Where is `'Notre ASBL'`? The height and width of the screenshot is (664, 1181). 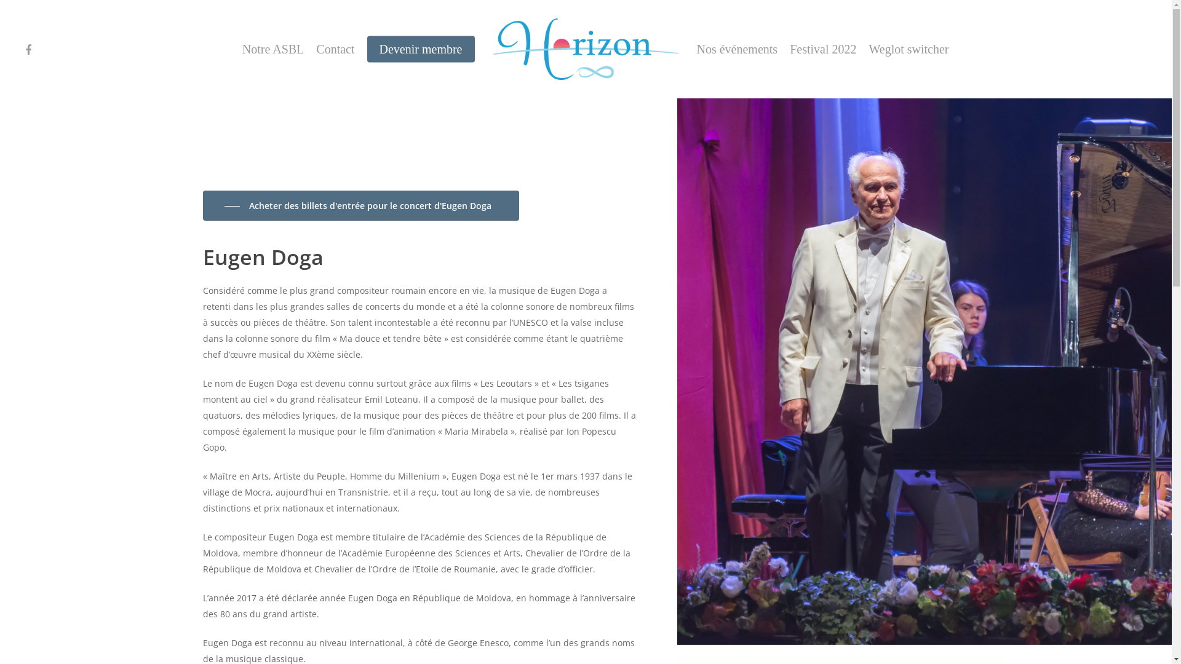
'Notre ASBL' is located at coordinates (272, 49).